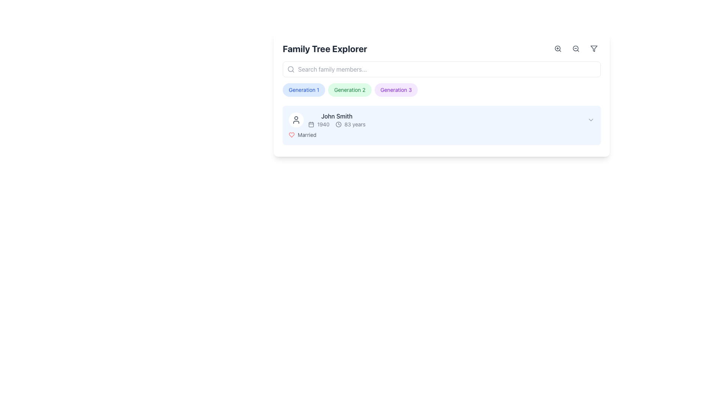 This screenshot has width=720, height=405. Describe the element at coordinates (336, 116) in the screenshot. I see `the text element displaying the name 'John Smith', which is styled as a header in medium-weight gray font and located at the top of the user information card` at that location.